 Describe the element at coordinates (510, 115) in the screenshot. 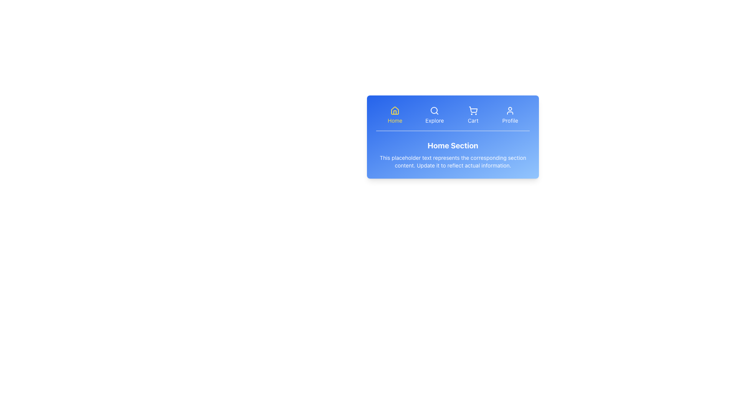

I see `the fourth button in the horizontal navigation bar` at that location.